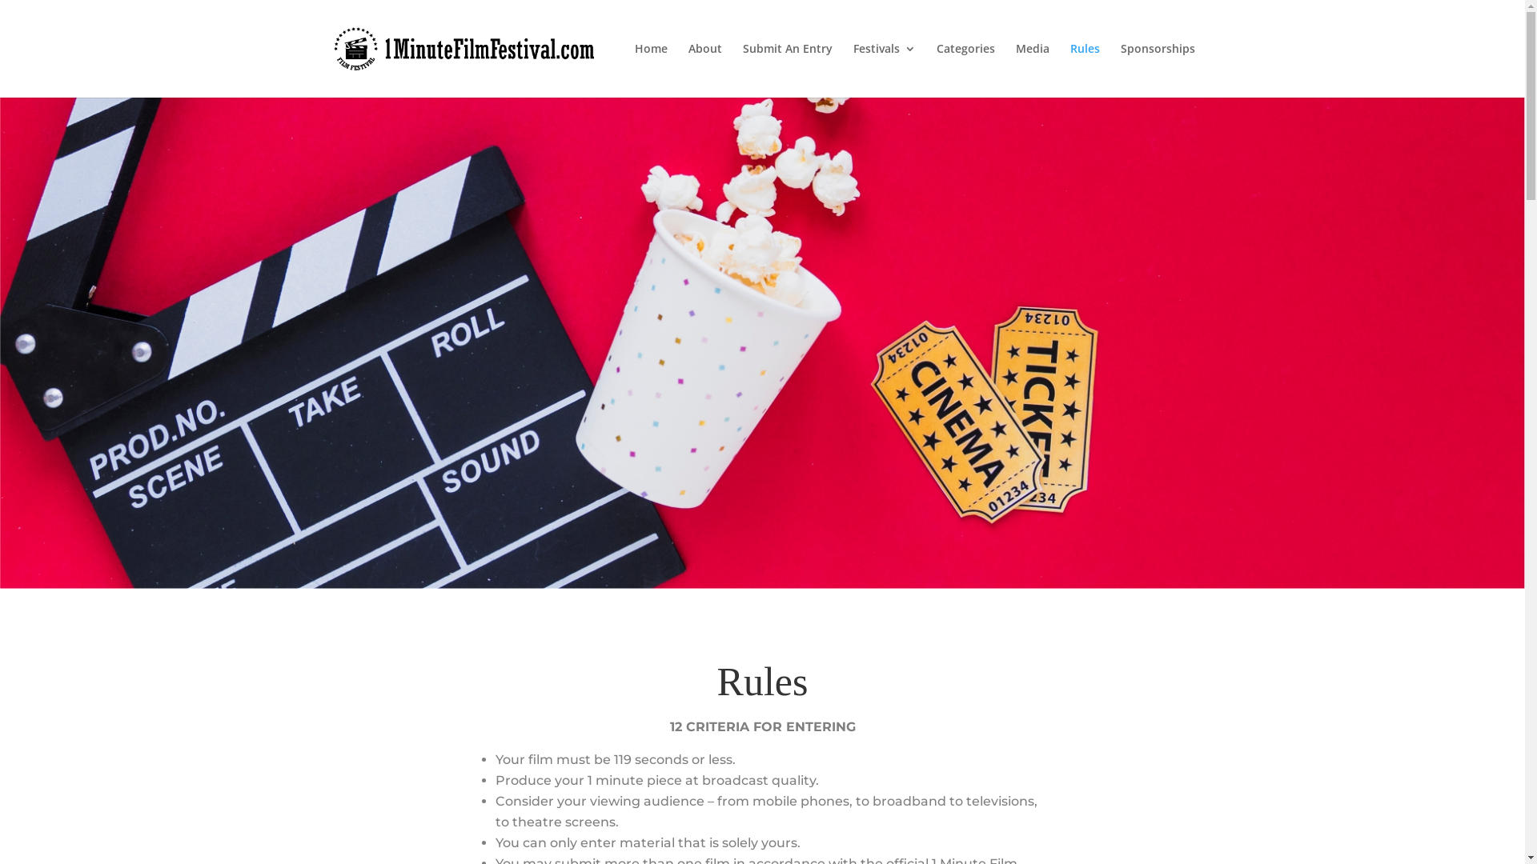  What do you see at coordinates (741, 70) in the screenshot?
I see `'Submit An Entry'` at bounding box center [741, 70].